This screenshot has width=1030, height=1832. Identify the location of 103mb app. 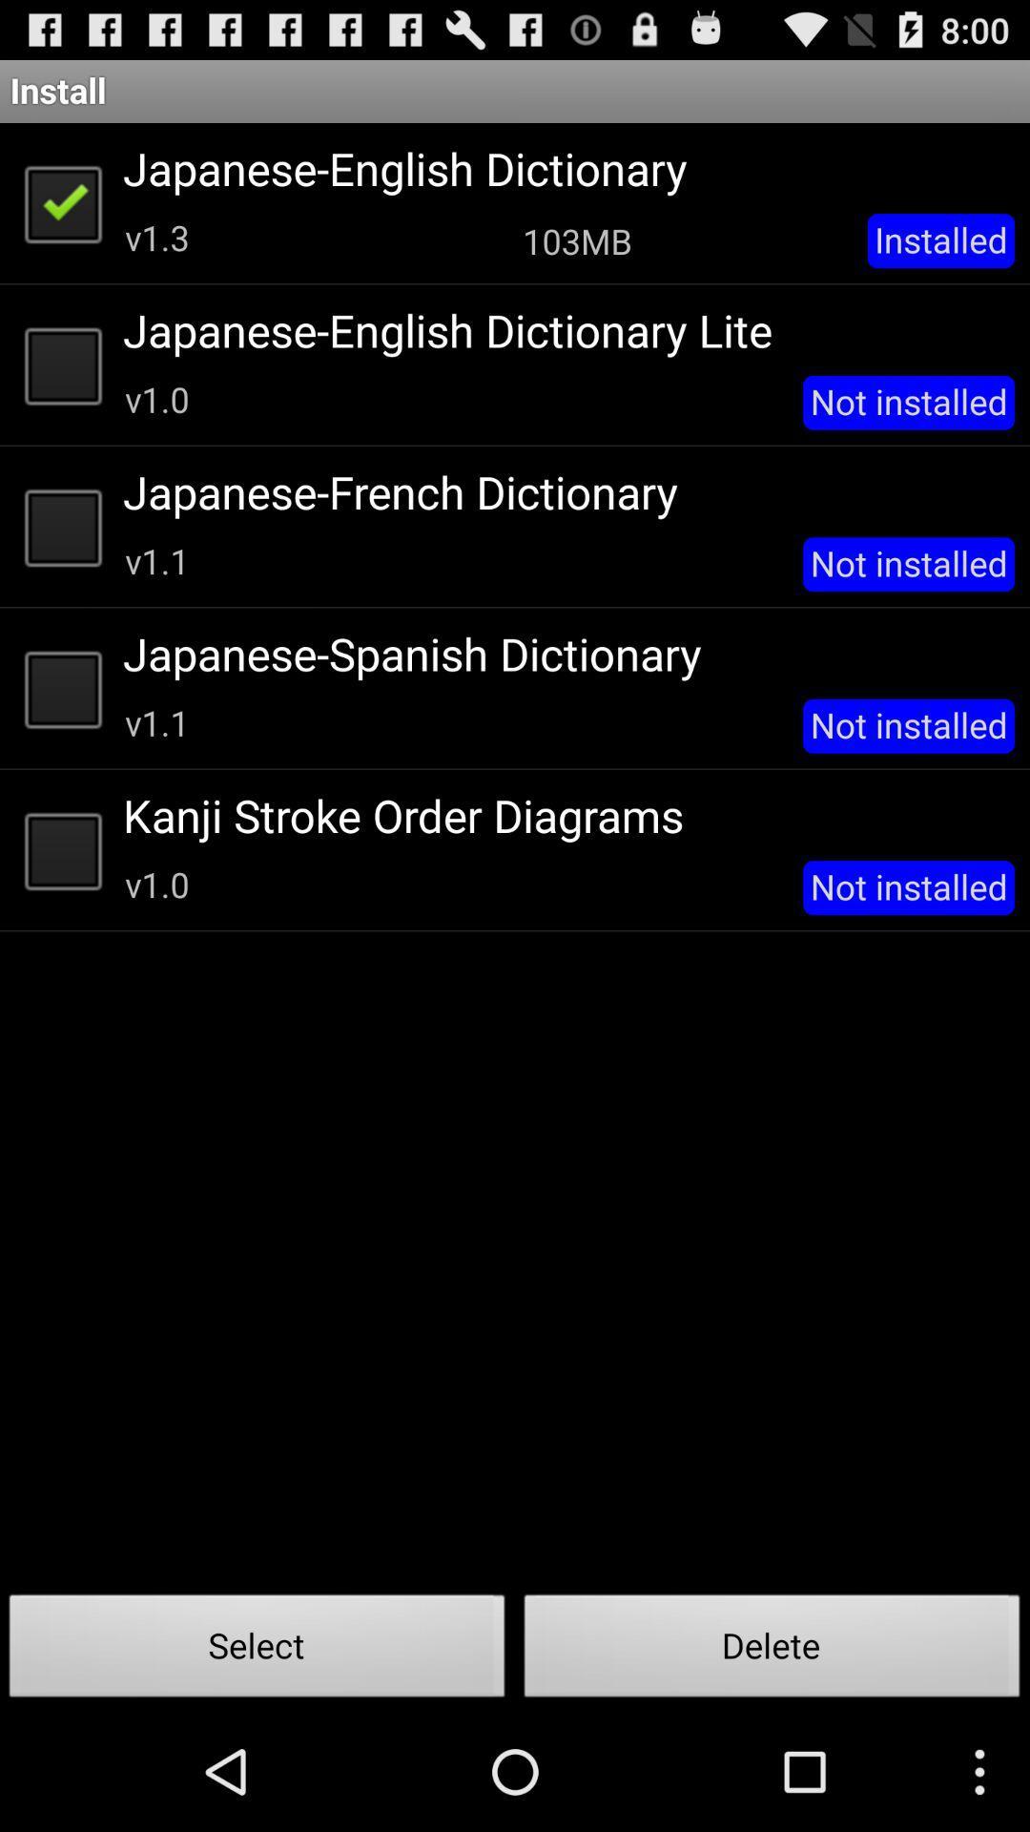
(576, 239).